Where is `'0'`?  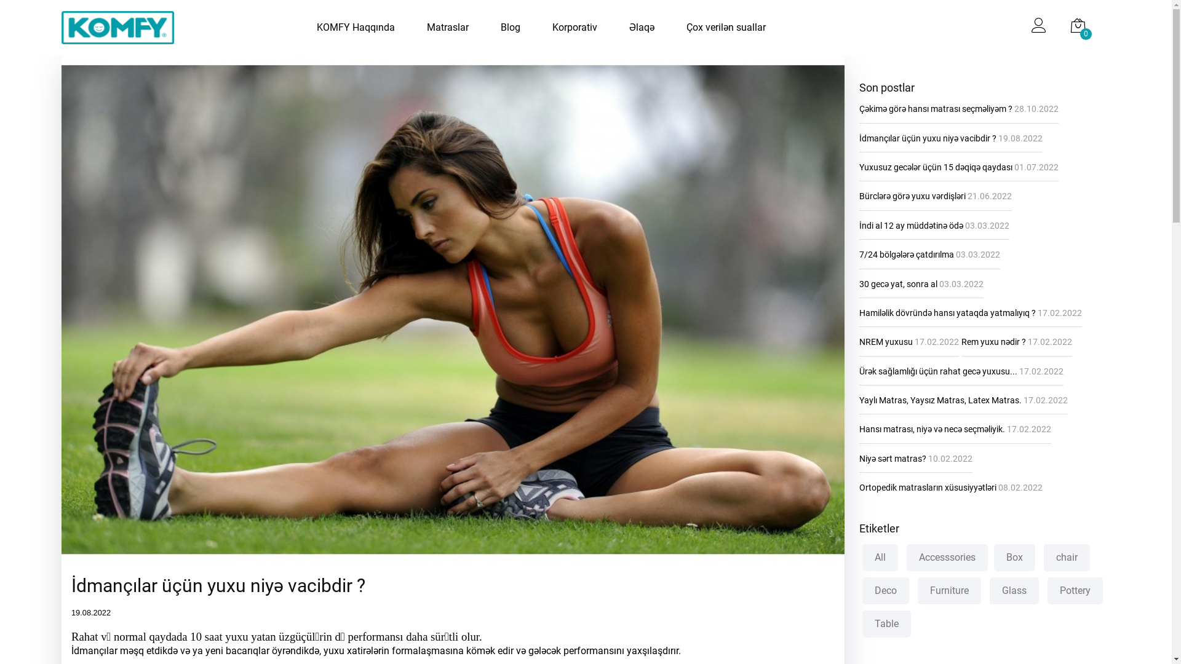
'0' is located at coordinates (1070, 28).